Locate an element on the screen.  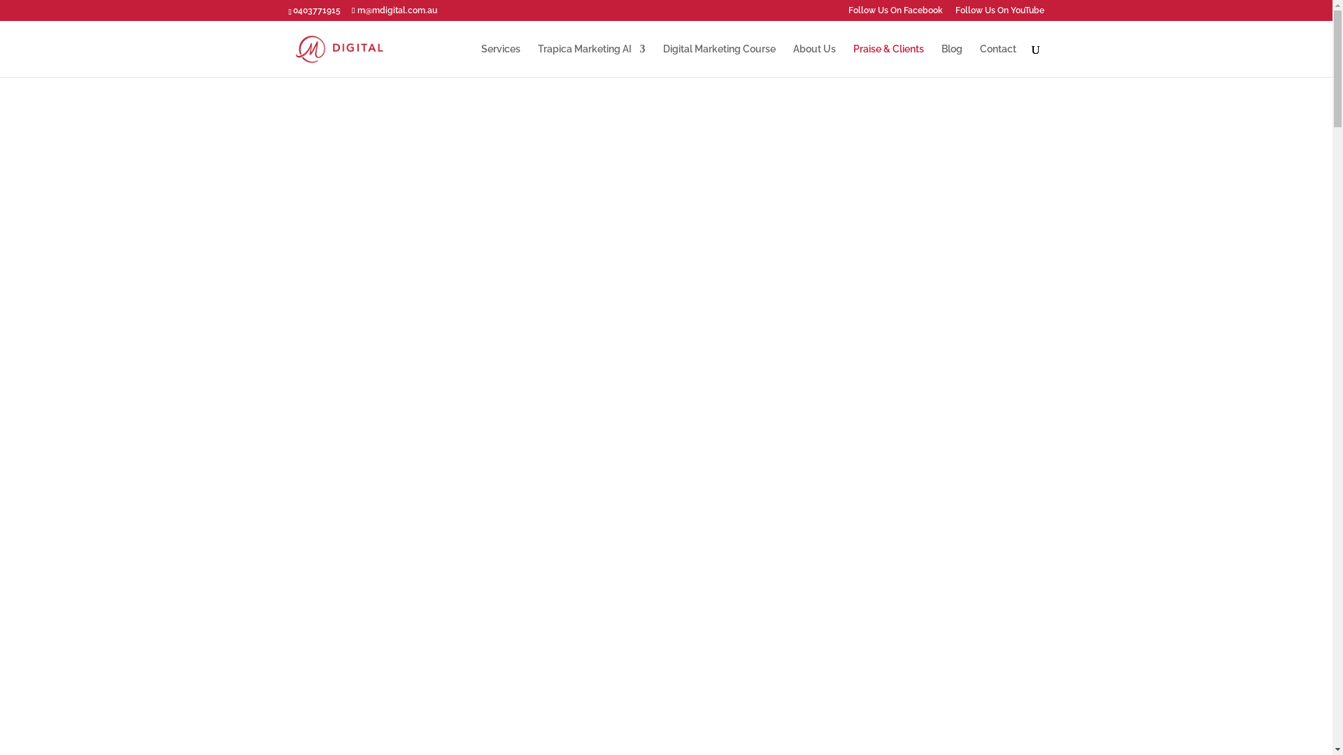
'Digital Marketing Course' is located at coordinates (719, 59).